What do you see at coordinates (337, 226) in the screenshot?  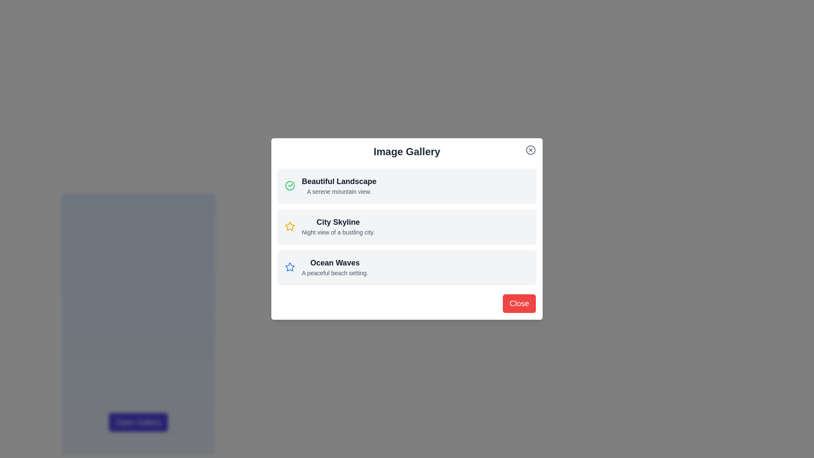 I see `the text label that displays 'City Skyline' and 'Night view of a bustling city.' within the 'Image Gallery' modal dialog` at bounding box center [337, 226].